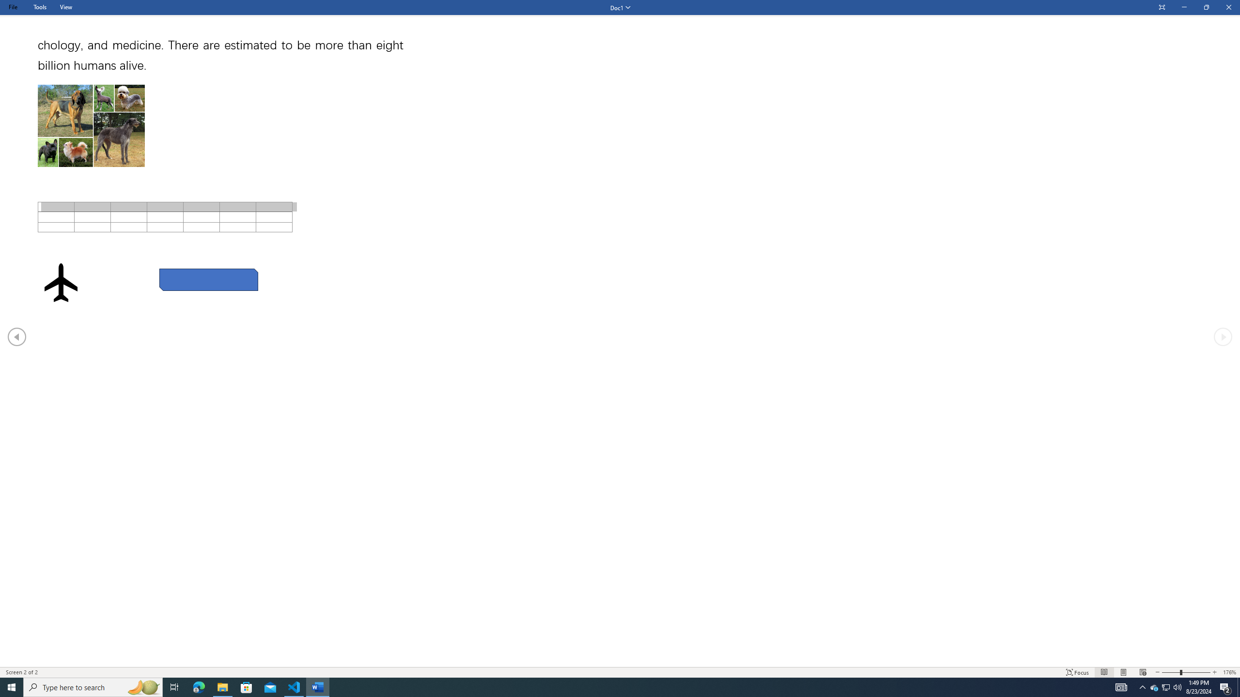 This screenshot has width=1240, height=697. What do you see at coordinates (12, 7) in the screenshot?
I see `'File Tab'` at bounding box center [12, 7].